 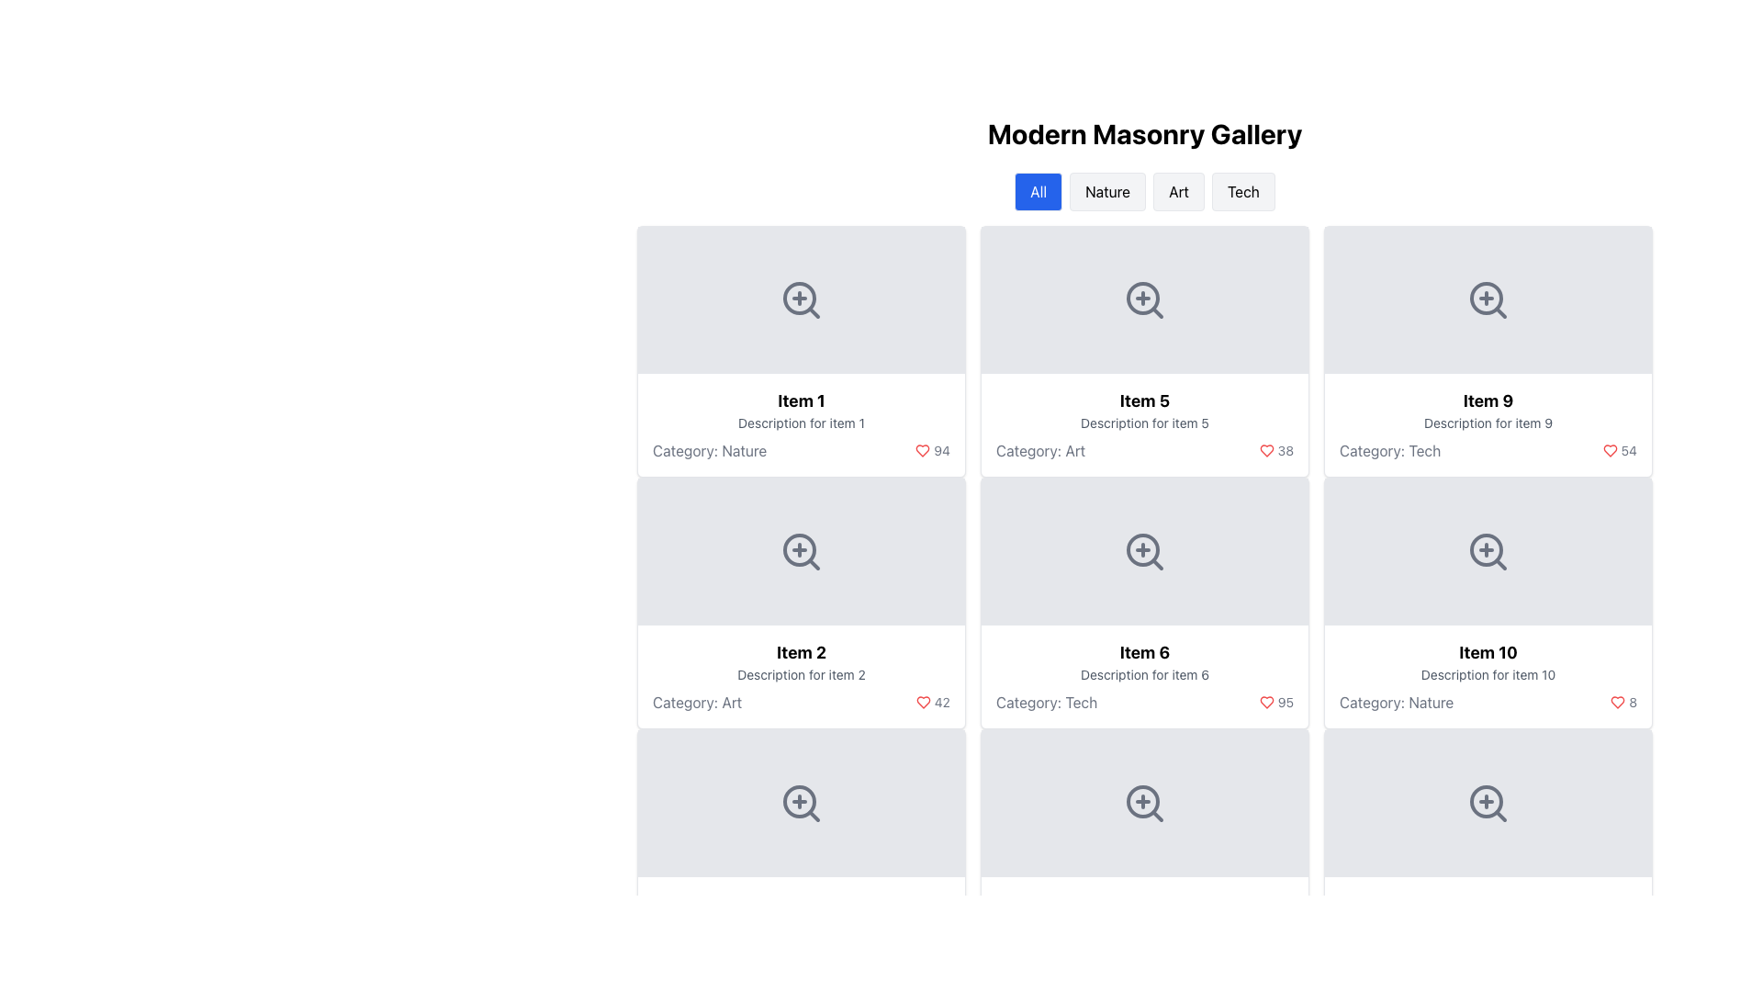 What do you see at coordinates (1040, 450) in the screenshot?
I see `the text label indicating that 'Item 5' belongs to the 'Art' category, located in the second column of the second row in the grid` at bounding box center [1040, 450].